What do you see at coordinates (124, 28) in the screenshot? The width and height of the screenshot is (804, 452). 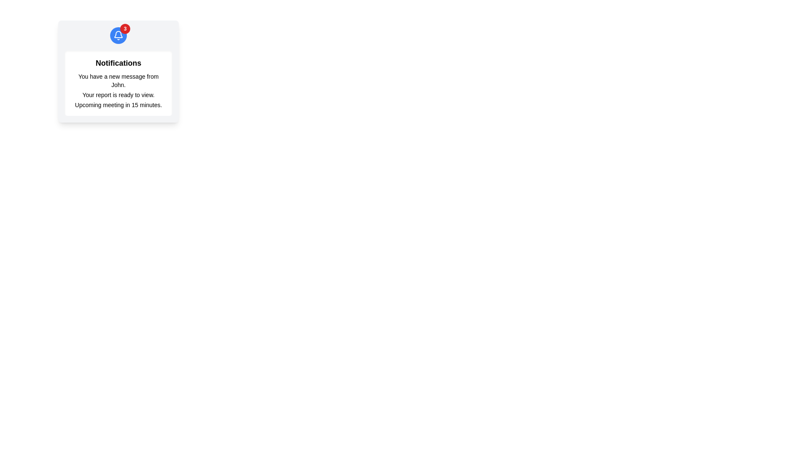 I see `the notification badge located at the top-right of the blue circular button containing a bell icon` at bounding box center [124, 28].